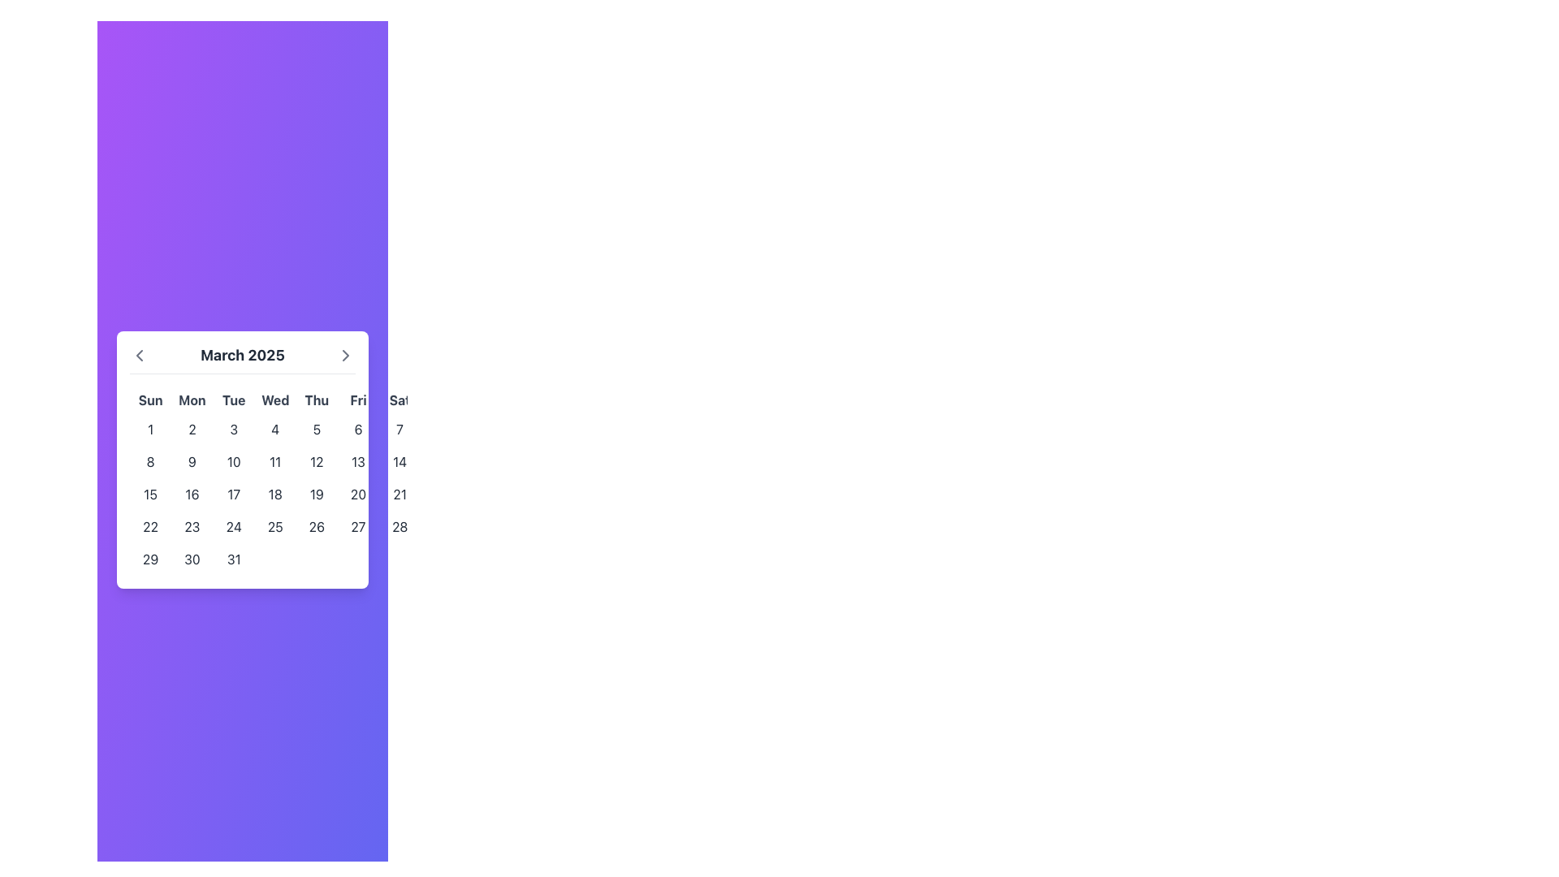 This screenshot has height=877, width=1559. What do you see at coordinates (150, 461) in the screenshot?
I see `the text label displaying '8' in the first row of the calendar grid, aligned under the 'Sun' header` at bounding box center [150, 461].